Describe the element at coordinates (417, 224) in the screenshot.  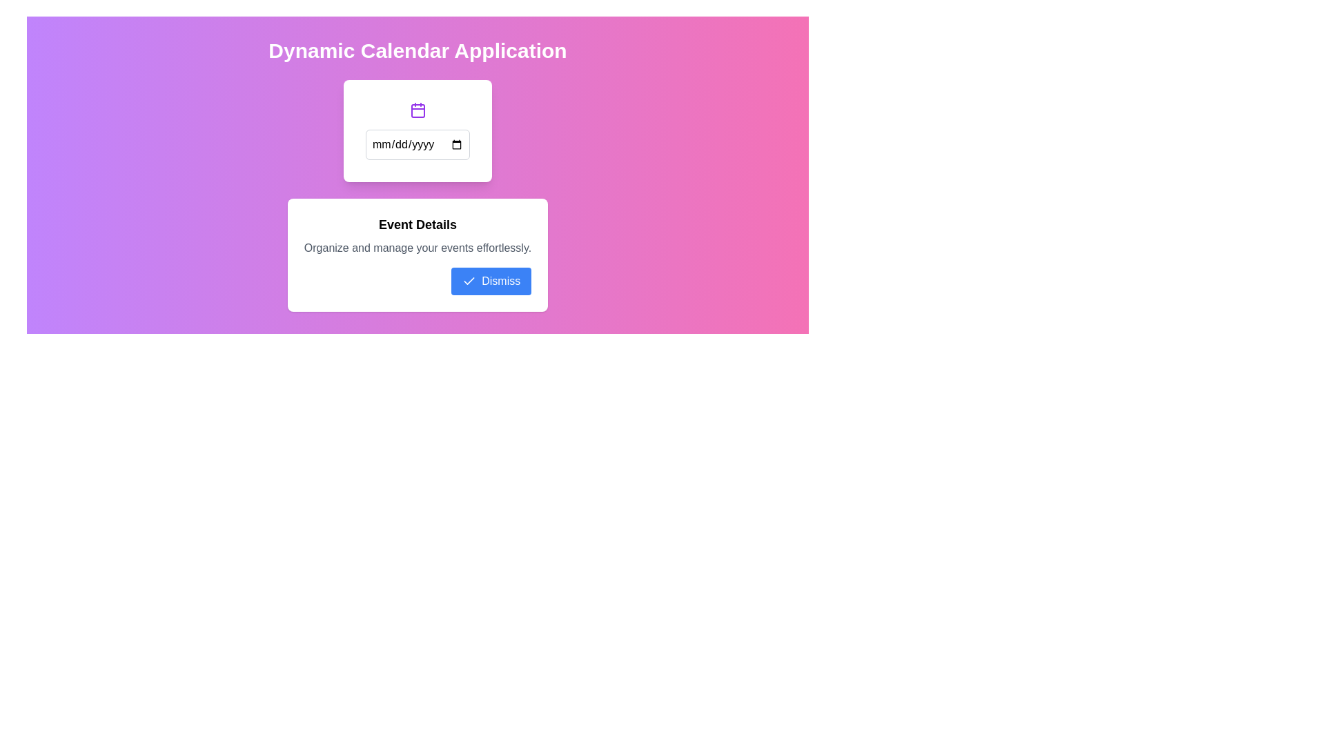
I see `the bold, large-sized text label reading 'Event Details', which is centrally aligned and positioned above the descriptive text and 'Dismiss' button` at that location.